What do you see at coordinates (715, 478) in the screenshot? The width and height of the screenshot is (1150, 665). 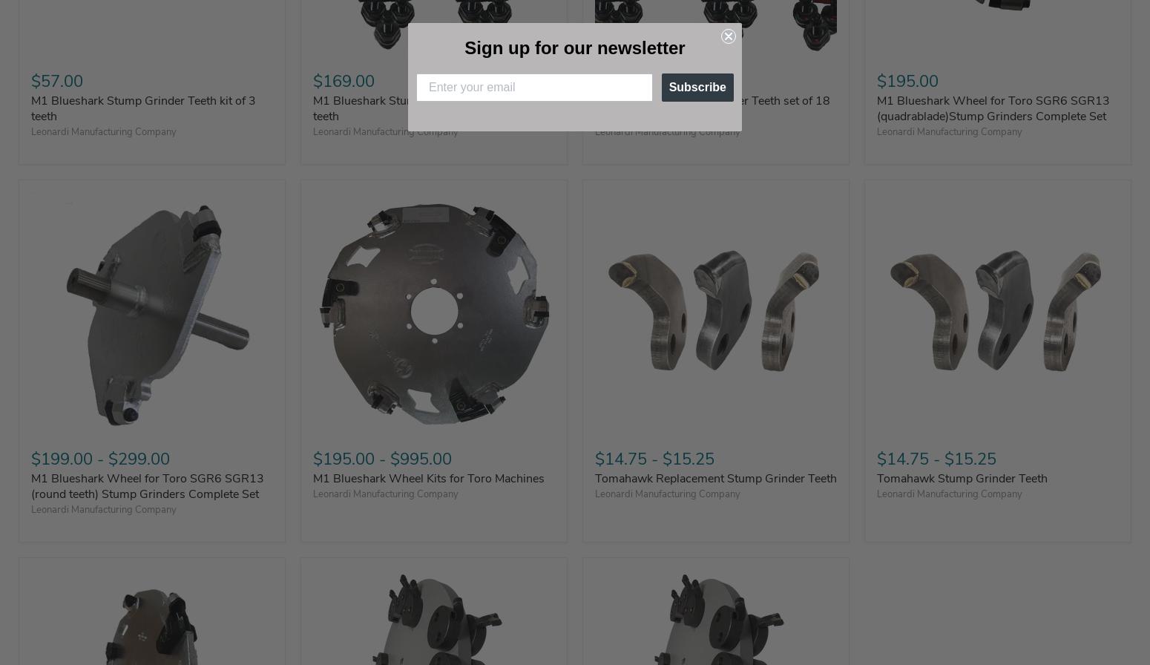 I see `'Tomahawk Replacement Stump Grinder Teeth'` at bounding box center [715, 478].